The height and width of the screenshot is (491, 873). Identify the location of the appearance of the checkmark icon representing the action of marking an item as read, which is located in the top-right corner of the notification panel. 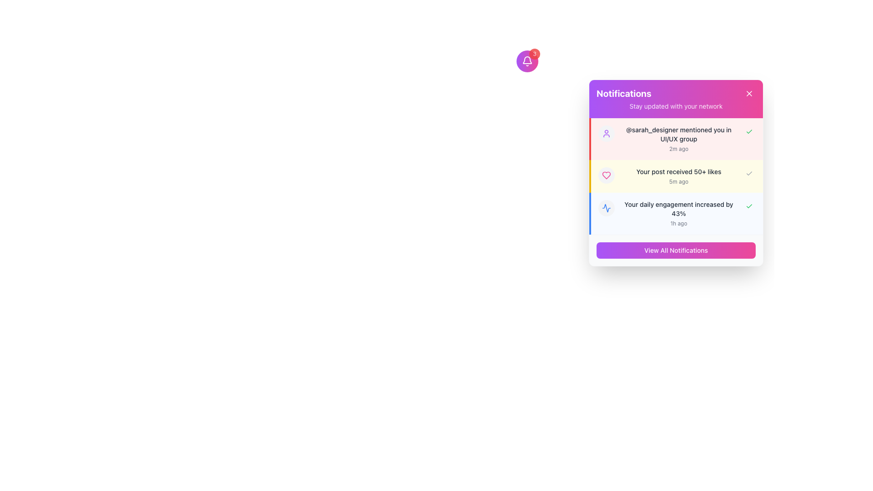
(749, 131).